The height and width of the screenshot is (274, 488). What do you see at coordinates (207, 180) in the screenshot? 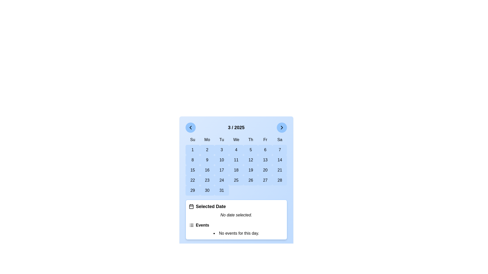
I see `the selectable date button for the 23rd day of the month in the calendar interface` at bounding box center [207, 180].